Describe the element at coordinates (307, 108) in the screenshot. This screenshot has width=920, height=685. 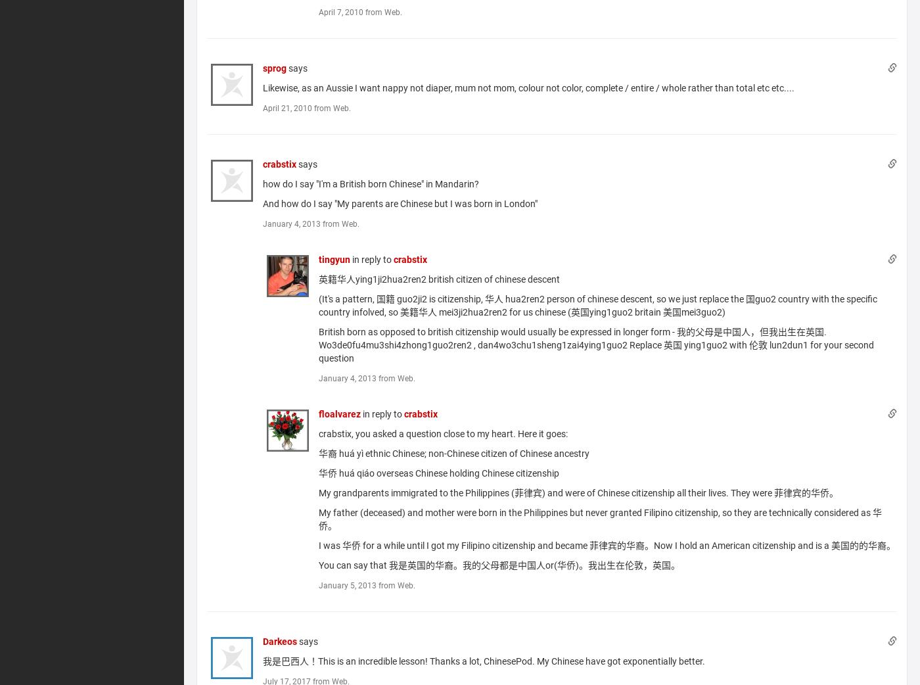
I see `'April 21, 2010 from Web.'` at that location.